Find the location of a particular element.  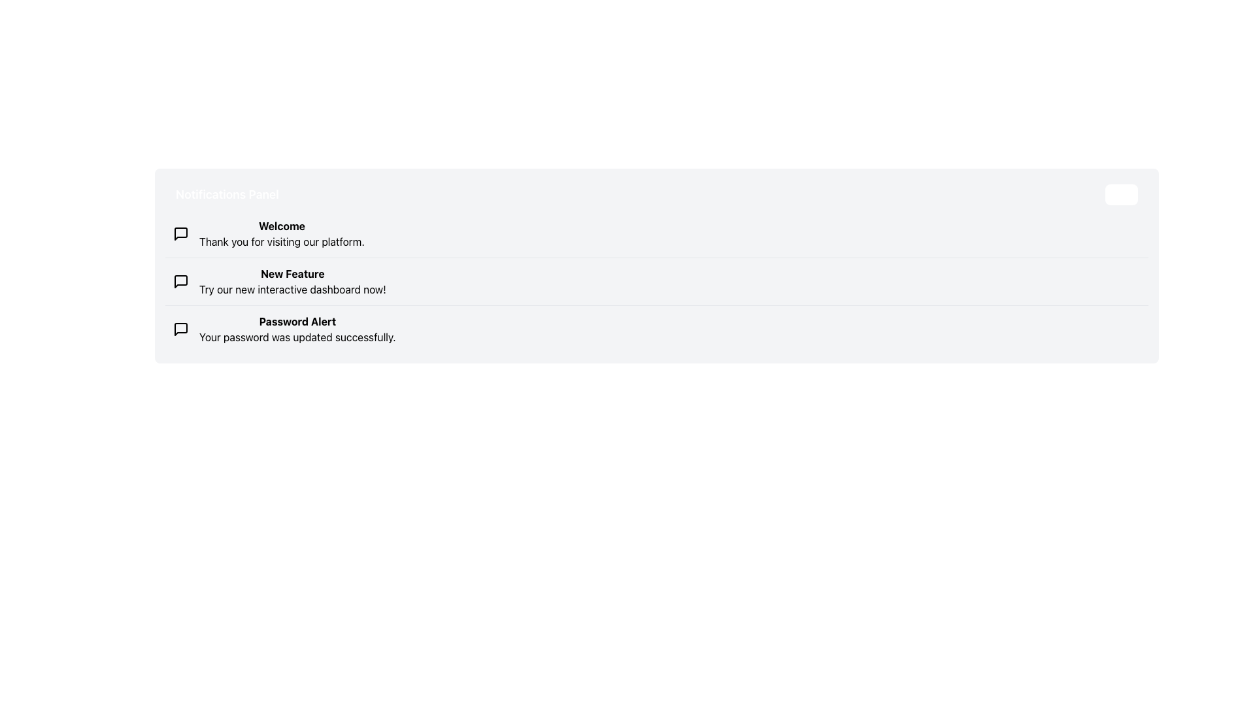

the text element that reads 'New Feature' is located at coordinates (292, 273).